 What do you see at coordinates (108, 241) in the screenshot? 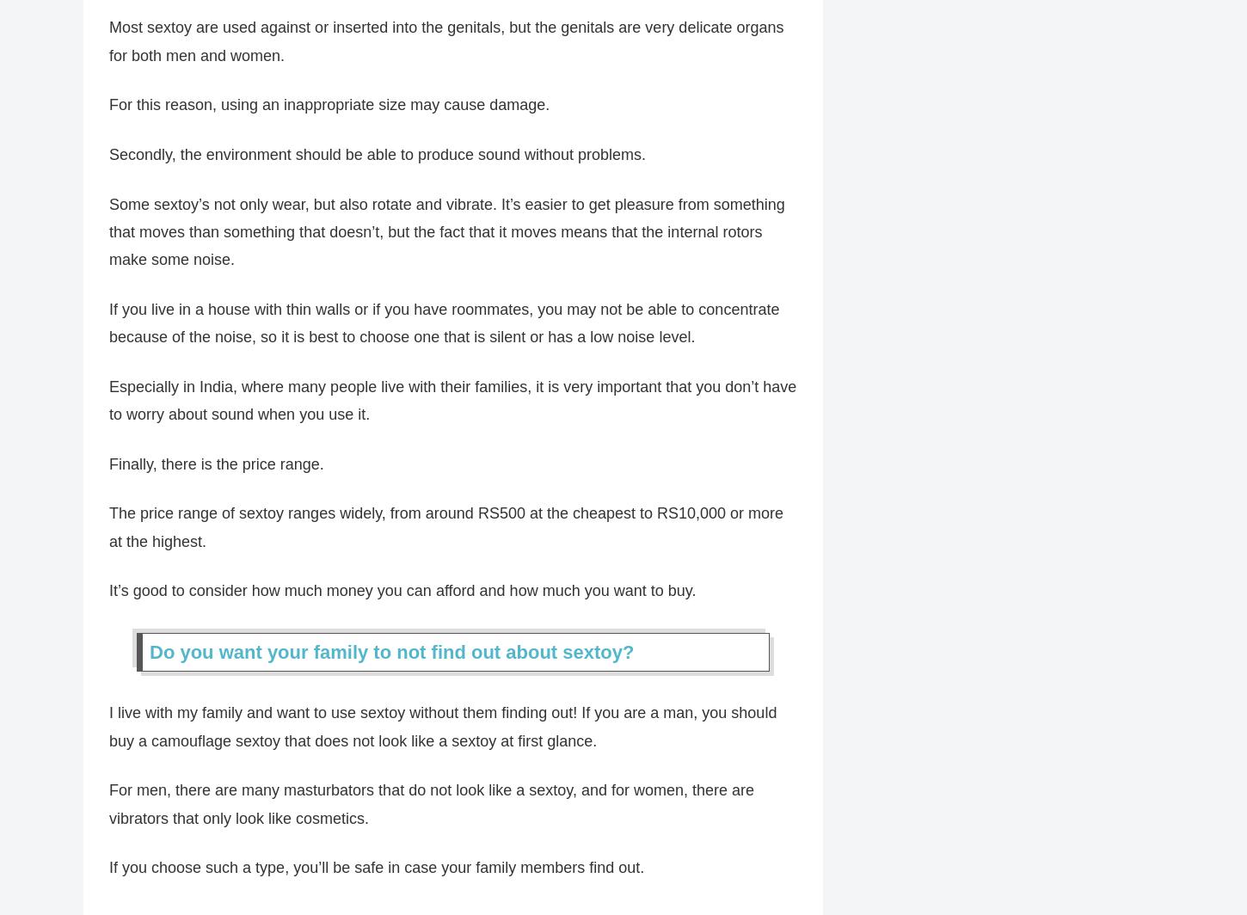
I see `'Some sextoy’s not only wear, but also rotate and vibrate. It’s easier to get pleasure from something that moves than something that doesn’t, but the fact that it moves means that the internal rotors make some noise.'` at bounding box center [108, 241].